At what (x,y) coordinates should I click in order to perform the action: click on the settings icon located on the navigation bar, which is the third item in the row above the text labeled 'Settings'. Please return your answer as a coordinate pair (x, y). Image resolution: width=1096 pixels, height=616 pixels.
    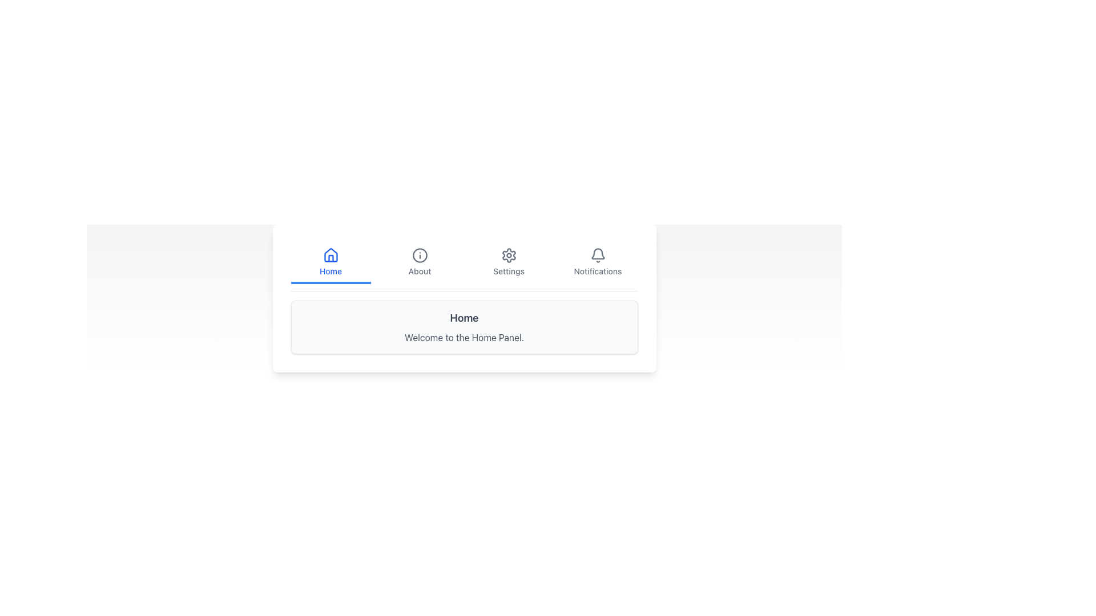
    Looking at the image, I should click on (508, 254).